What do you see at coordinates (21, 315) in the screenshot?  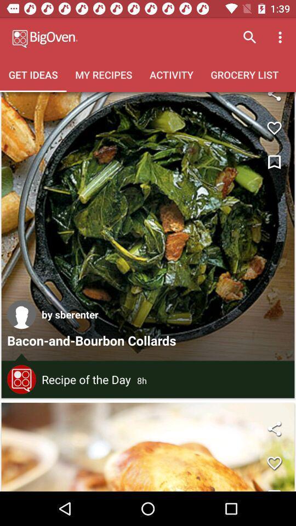 I see `icon to the left of by sberenter icon` at bounding box center [21, 315].